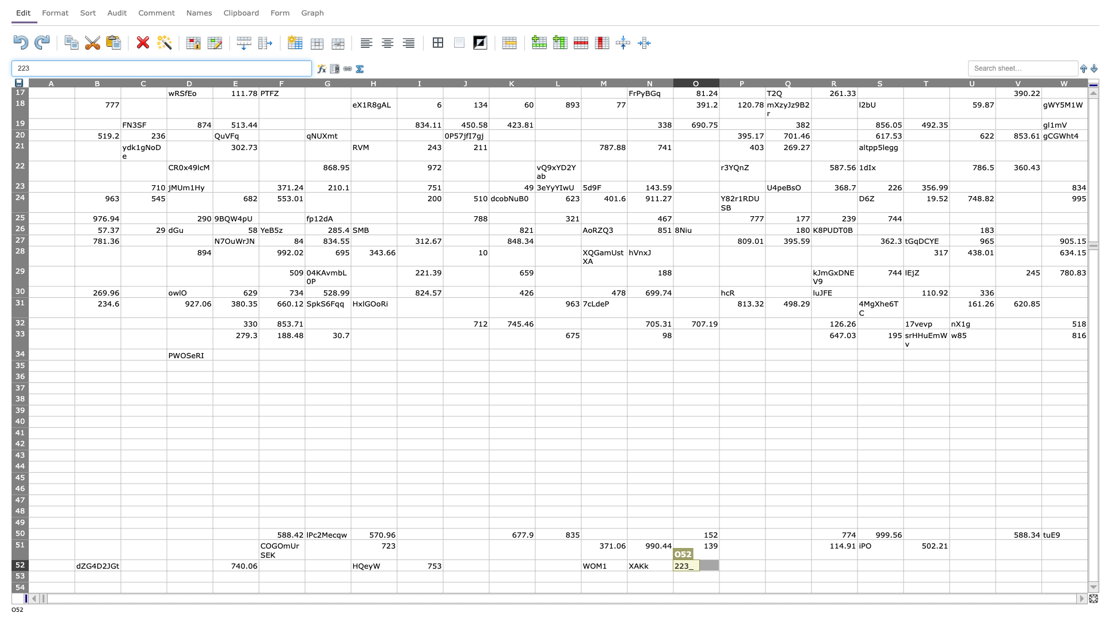  What do you see at coordinates (811, 559) in the screenshot?
I see `top left corner of R52` at bounding box center [811, 559].